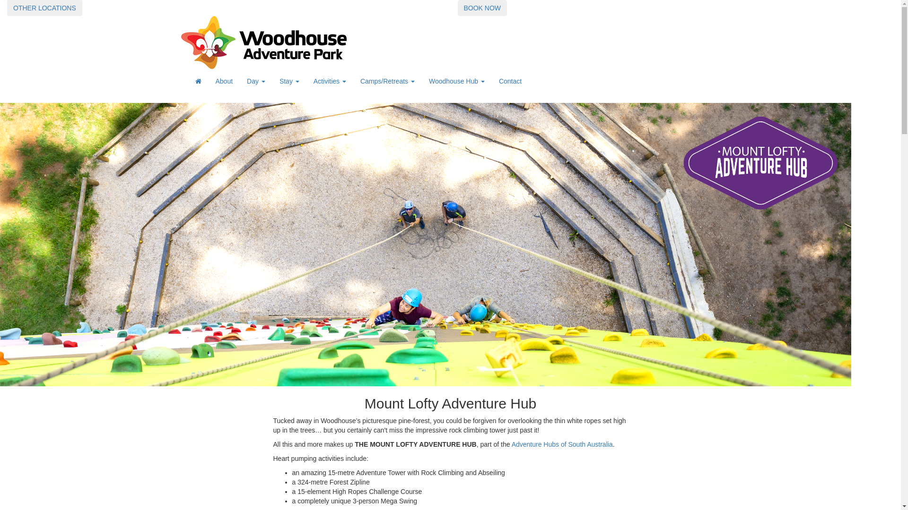 This screenshot has width=908, height=510. Describe the element at coordinates (510, 81) in the screenshot. I see `'Contact'` at that location.